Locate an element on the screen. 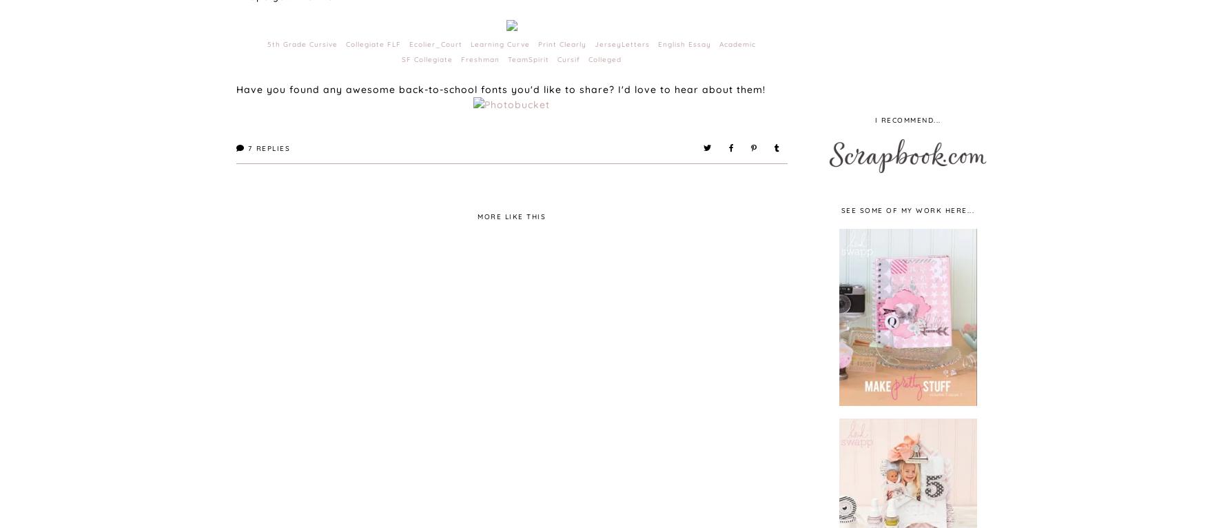 The height and width of the screenshot is (528, 1230). '5th Grade Cursive' is located at coordinates (301, 43).